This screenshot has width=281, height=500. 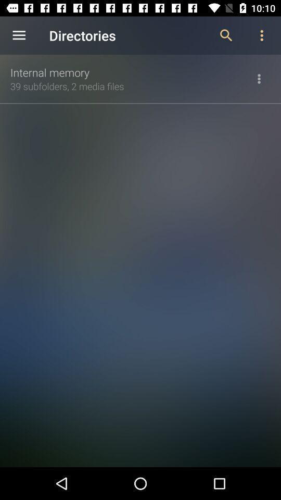 I want to click on icon to the right of 39 subfolders 2, so click(x=258, y=78).